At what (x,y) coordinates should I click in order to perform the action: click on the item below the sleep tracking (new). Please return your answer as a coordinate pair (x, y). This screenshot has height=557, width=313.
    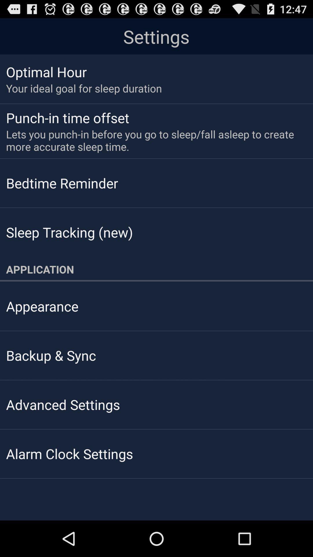
    Looking at the image, I should click on (156, 269).